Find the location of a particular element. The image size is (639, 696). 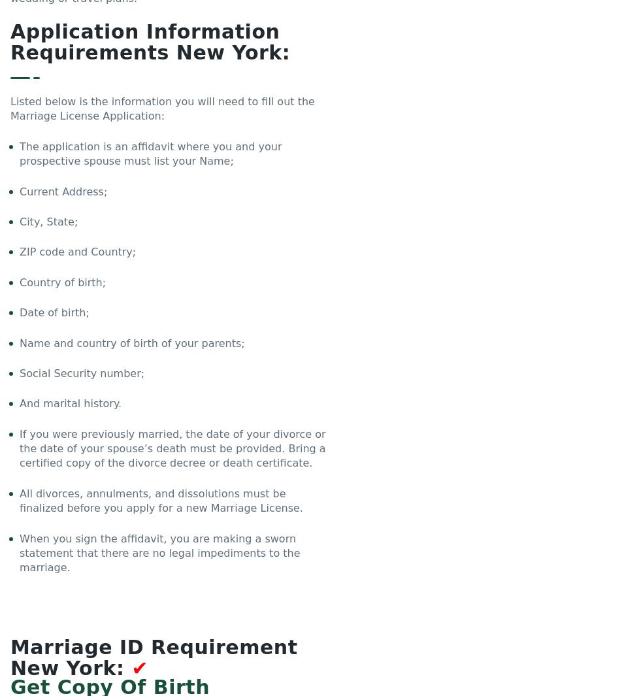

'Listed below is the information you will need to fill out the Marriage License Application:' is located at coordinates (161, 108).